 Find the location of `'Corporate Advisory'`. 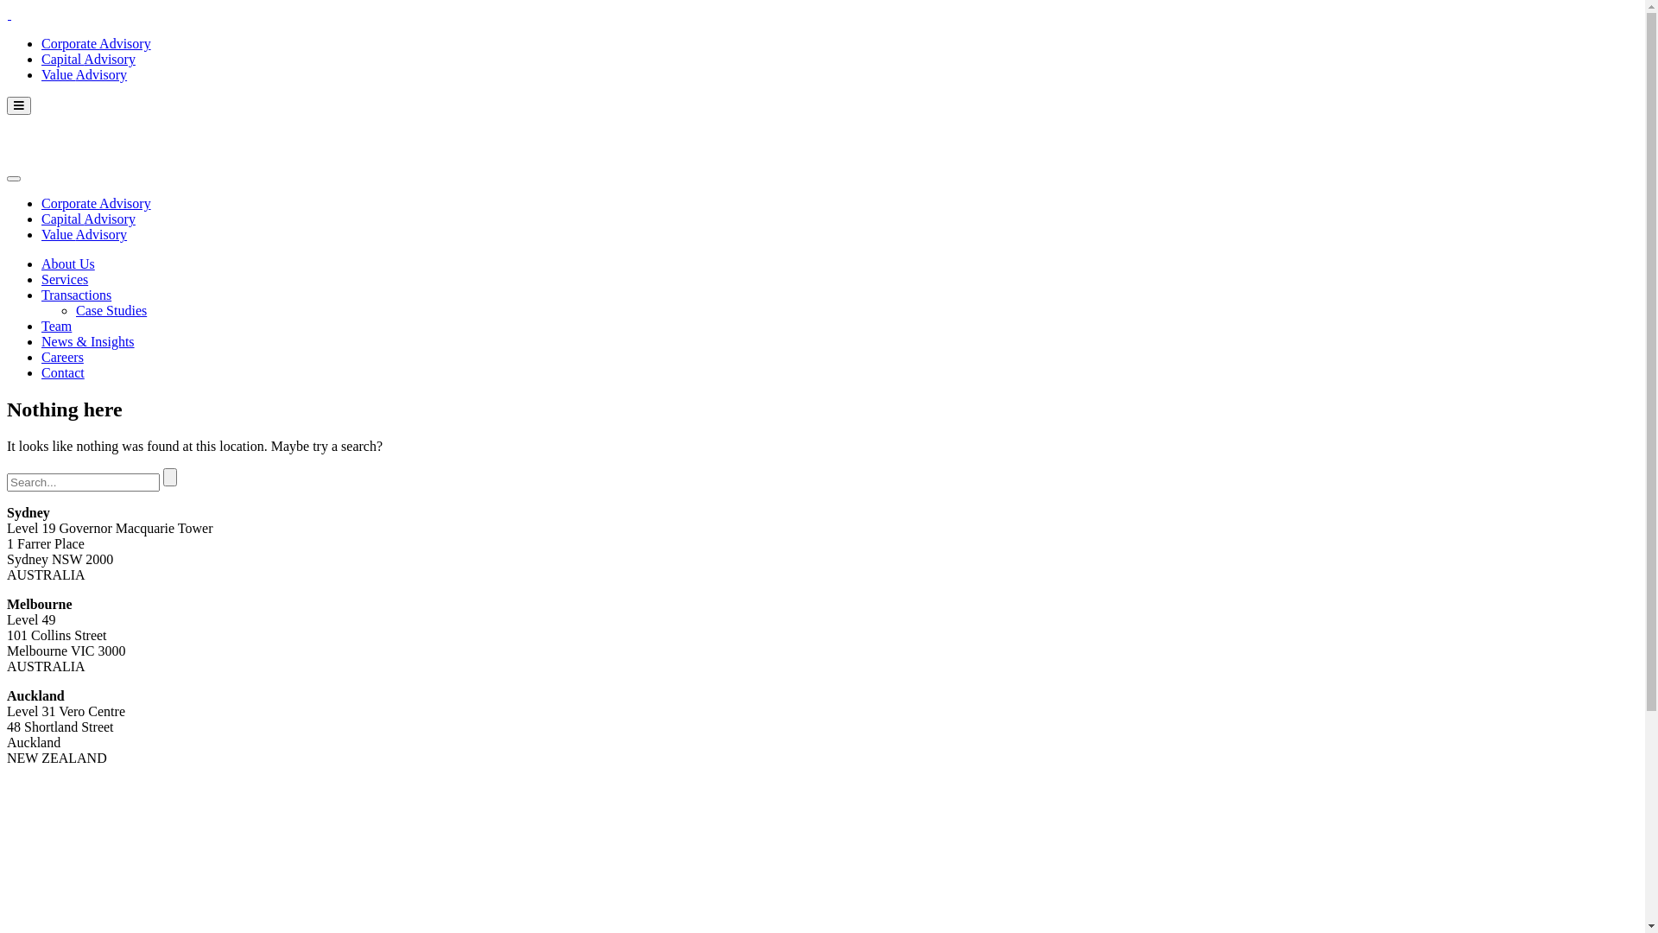

'Corporate Advisory' is located at coordinates (95, 42).